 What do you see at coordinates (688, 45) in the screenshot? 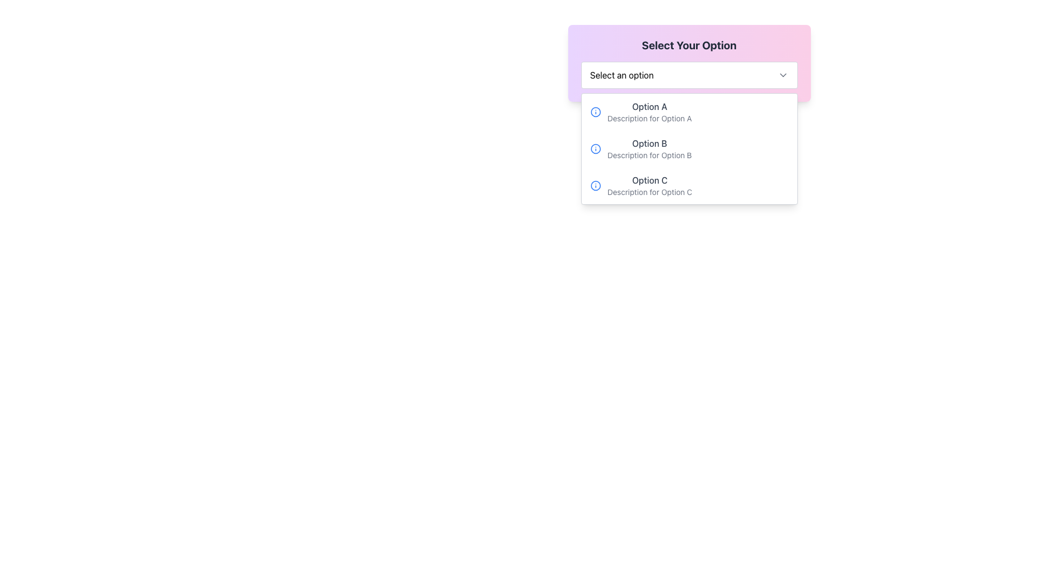
I see `the Text Label at the top of the card-like group, which serves as a title or heading for the section` at bounding box center [688, 45].